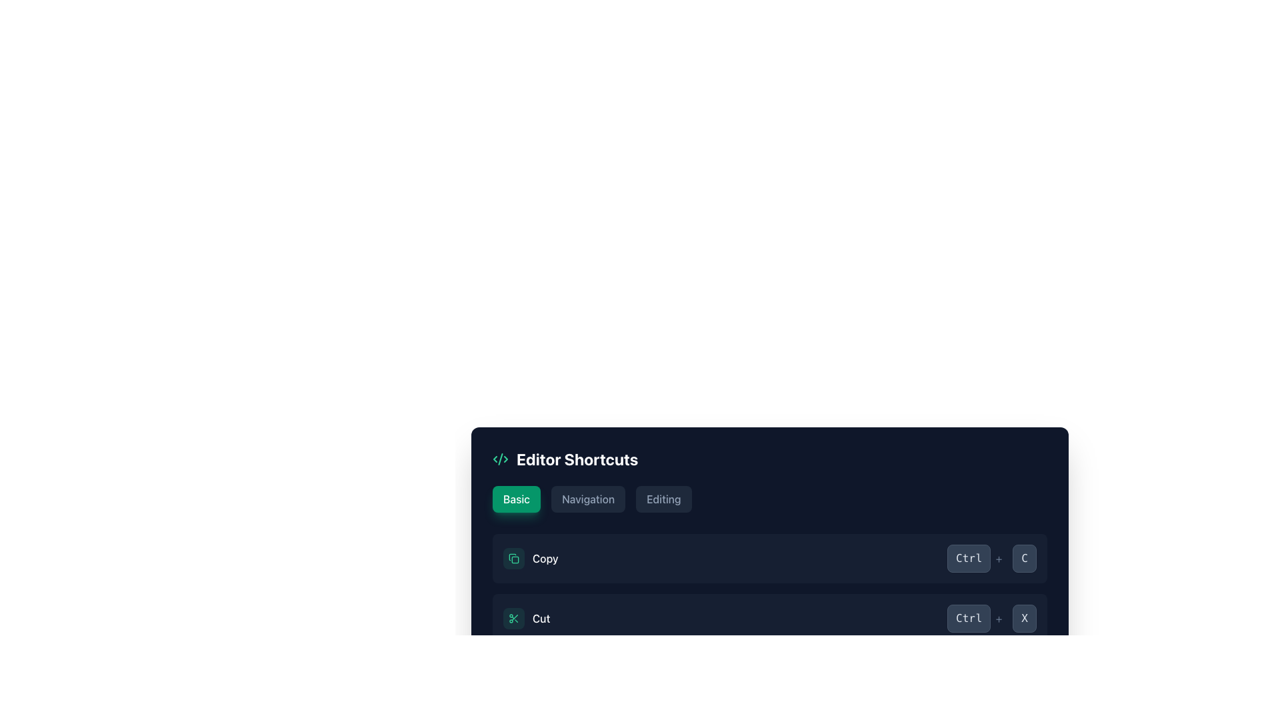 This screenshot has height=720, width=1280. I want to click on the shortcut hint for the compound element that indicates the copy action with the shortcut 'Ctrl+C' located in the 'Editor Shortcuts' section, which is the first row in the list, so click(770, 558).